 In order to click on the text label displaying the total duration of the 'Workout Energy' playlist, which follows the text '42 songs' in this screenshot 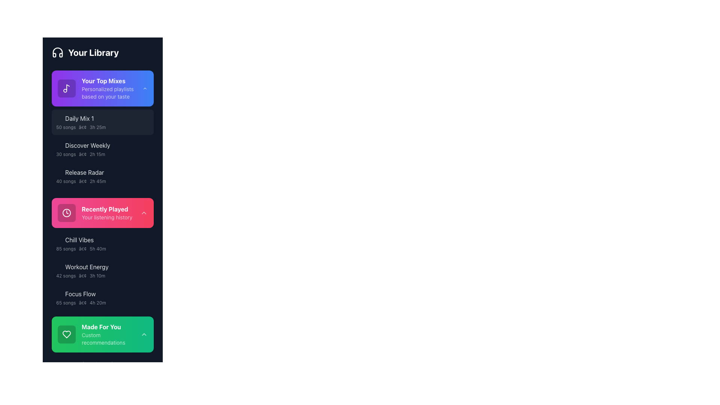, I will do `click(97, 276)`.